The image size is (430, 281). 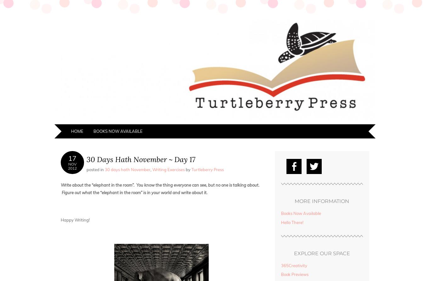 What do you see at coordinates (60, 188) in the screenshot?
I see `'Write about the “elephant in the room”.  You know the thing everyone can see, but no one is talking about.  Figure out what the “elephant in the room” is in your world and write about it.'` at bounding box center [60, 188].